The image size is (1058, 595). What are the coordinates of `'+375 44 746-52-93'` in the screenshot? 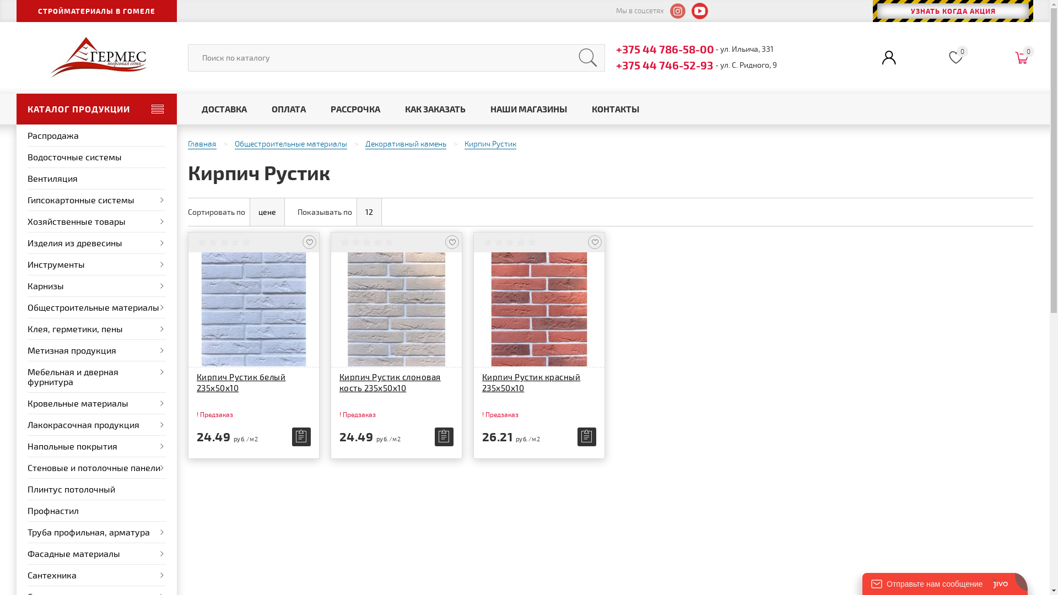 It's located at (616, 65).